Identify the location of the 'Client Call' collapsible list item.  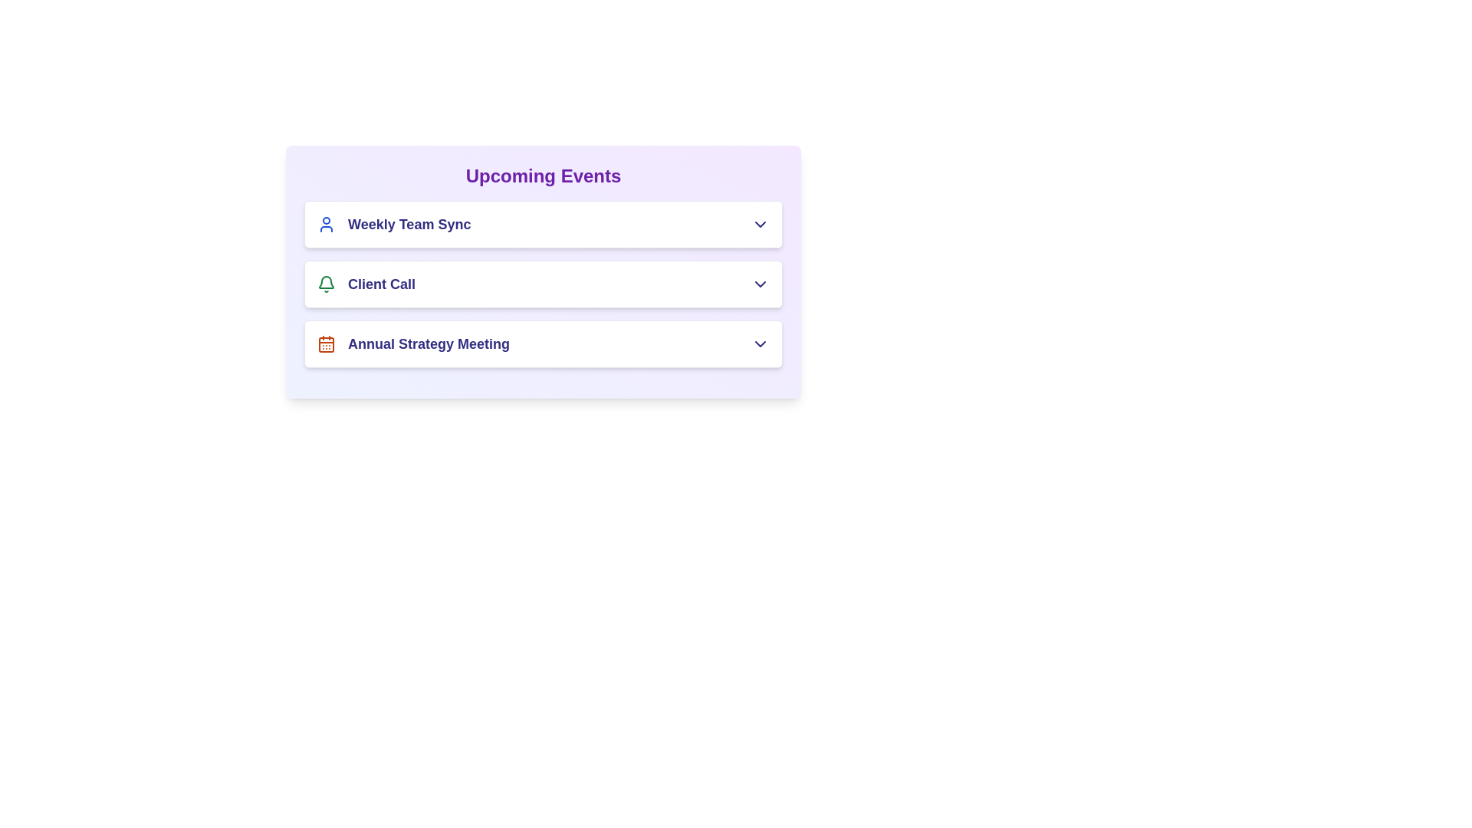
(544, 284).